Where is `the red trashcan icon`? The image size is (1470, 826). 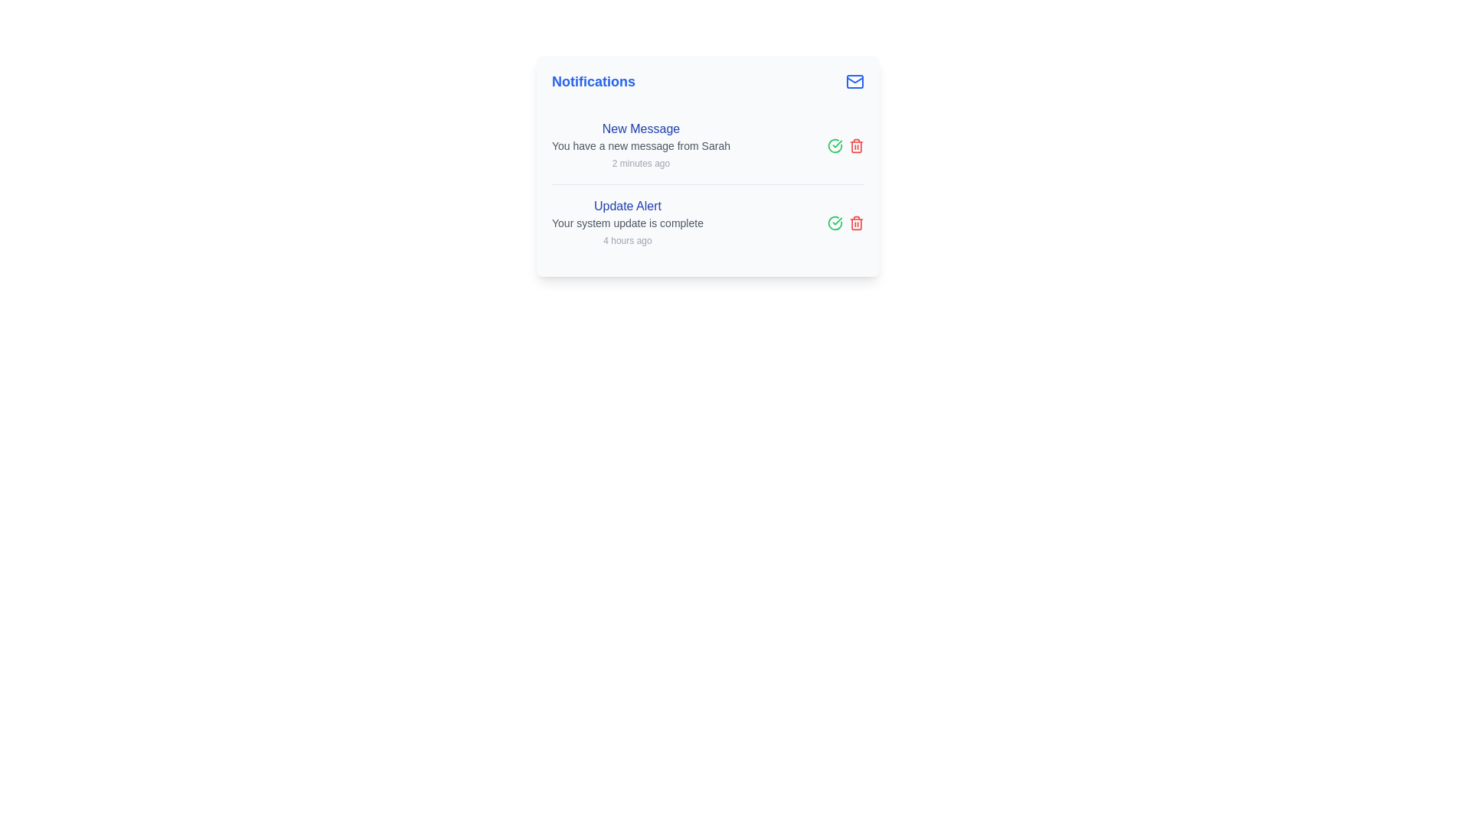
the red trashcan icon is located at coordinates (855, 223).